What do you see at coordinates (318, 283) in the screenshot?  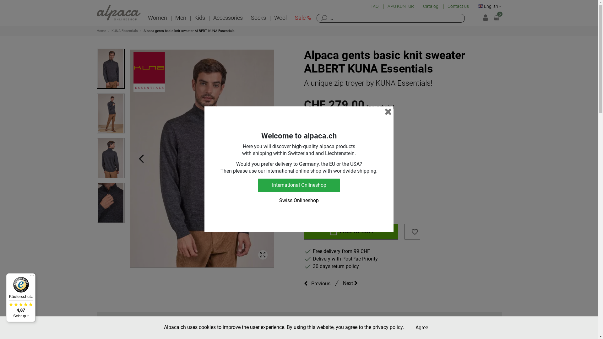 I see `'Previous'` at bounding box center [318, 283].